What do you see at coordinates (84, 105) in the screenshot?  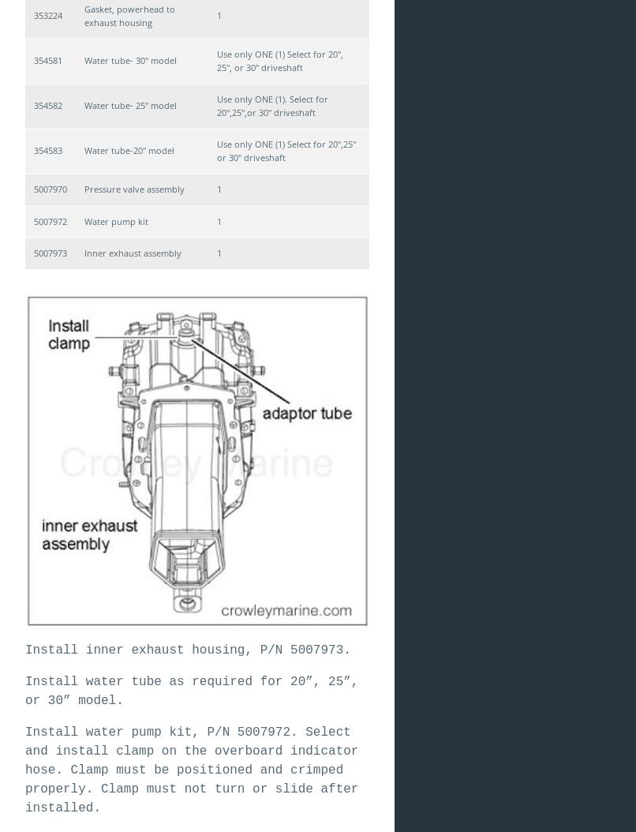 I see `'Water tube- 25" model'` at bounding box center [84, 105].